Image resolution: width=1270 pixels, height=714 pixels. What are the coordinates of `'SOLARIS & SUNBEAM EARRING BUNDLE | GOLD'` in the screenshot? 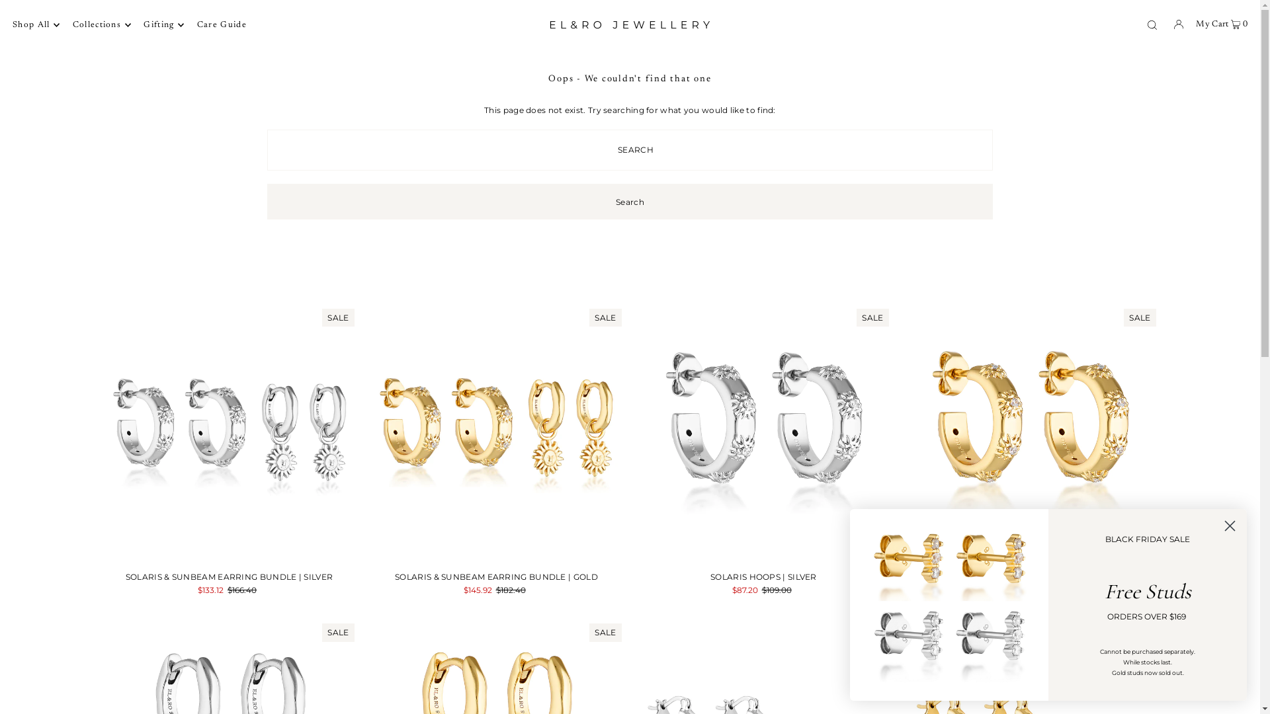 It's located at (495, 576).